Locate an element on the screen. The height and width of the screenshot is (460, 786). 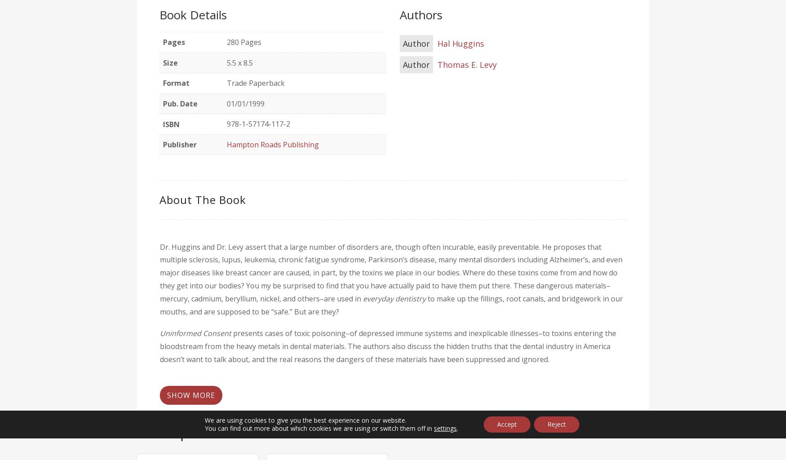
'We are using cookies to give you the best experience on our website.' is located at coordinates (305, 420).